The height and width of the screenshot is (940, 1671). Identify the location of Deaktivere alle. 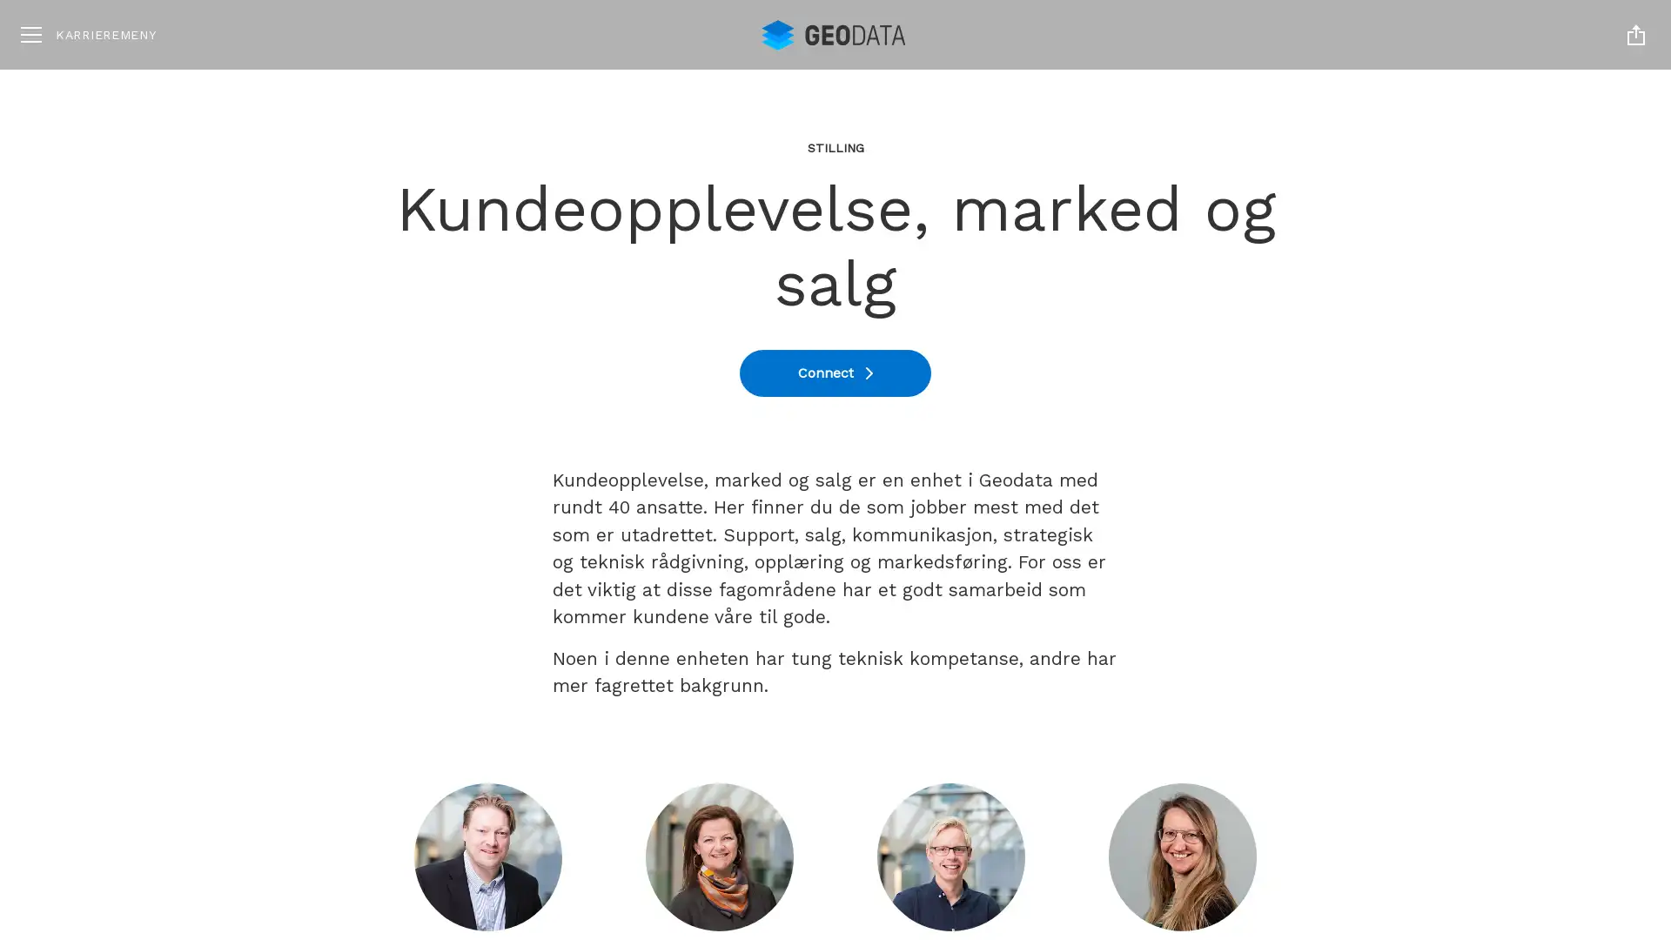
(1472, 796).